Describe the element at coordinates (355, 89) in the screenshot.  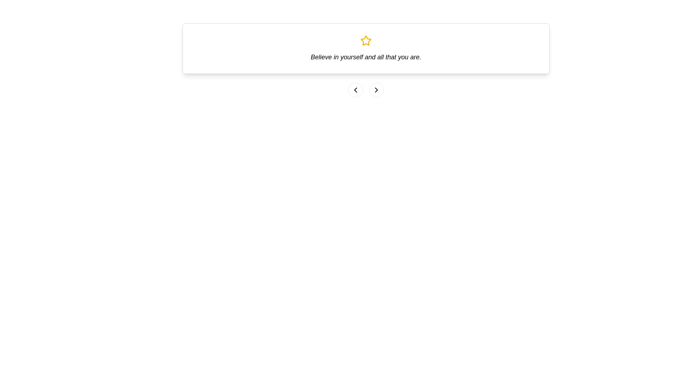
I see `the navigation button with a chevron-left icon, which is the first button in a group of two horizontal navigation buttons` at that location.